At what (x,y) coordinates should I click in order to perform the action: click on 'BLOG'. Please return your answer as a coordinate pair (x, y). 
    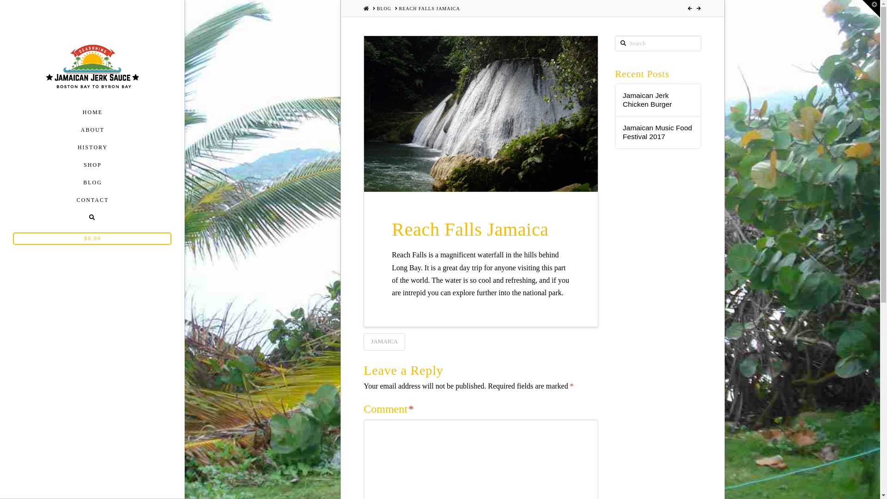
    Looking at the image, I should click on (377, 9).